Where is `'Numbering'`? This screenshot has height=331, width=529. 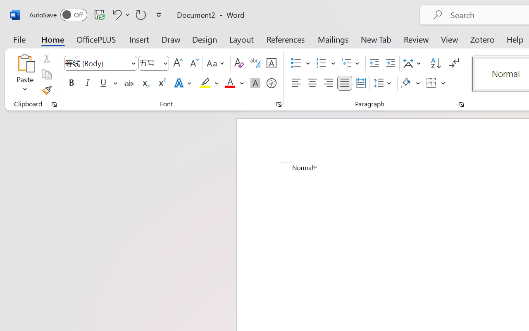 'Numbering' is located at coordinates (321, 63).